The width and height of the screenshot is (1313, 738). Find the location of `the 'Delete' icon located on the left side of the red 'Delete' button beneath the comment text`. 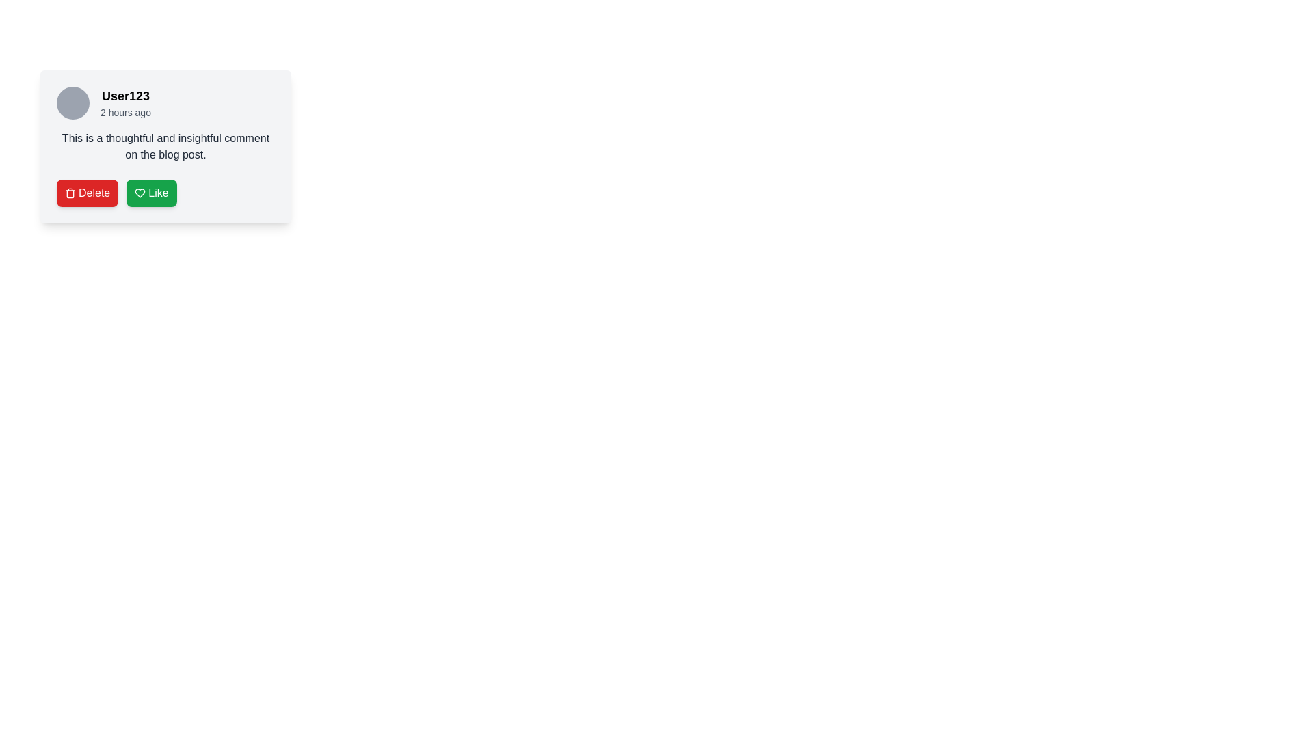

the 'Delete' icon located on the left side of the red 'Delete' button beneath the comment text is located at coordinates (69, 193).